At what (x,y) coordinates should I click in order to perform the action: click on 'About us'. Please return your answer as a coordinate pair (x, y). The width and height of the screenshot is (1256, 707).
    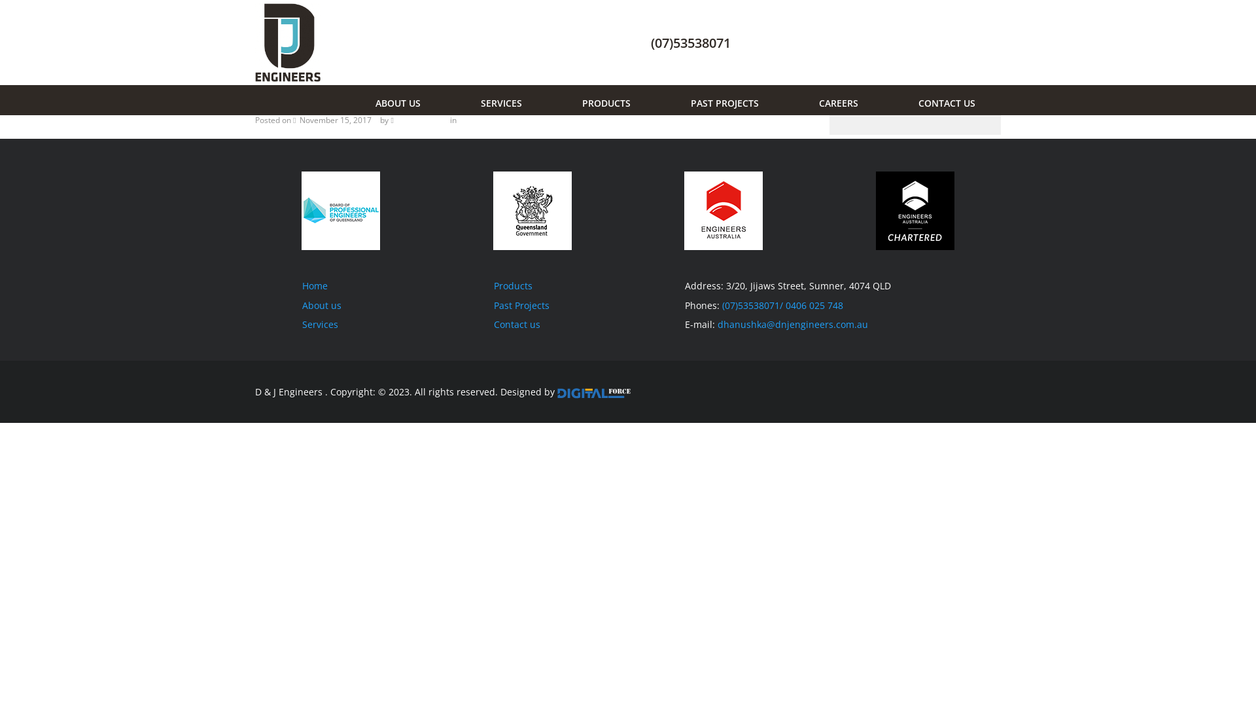
    Looking at the image, I should click on (321, 305).